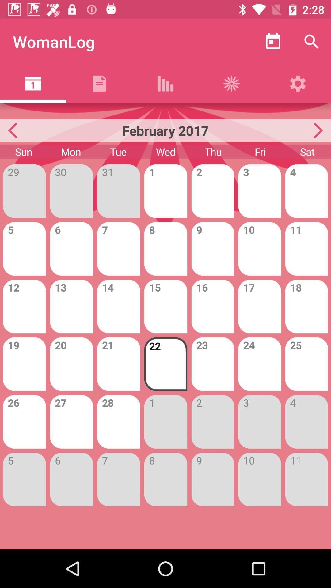  I want to click on the icon to the right of womanlog item, so click(273, 41).